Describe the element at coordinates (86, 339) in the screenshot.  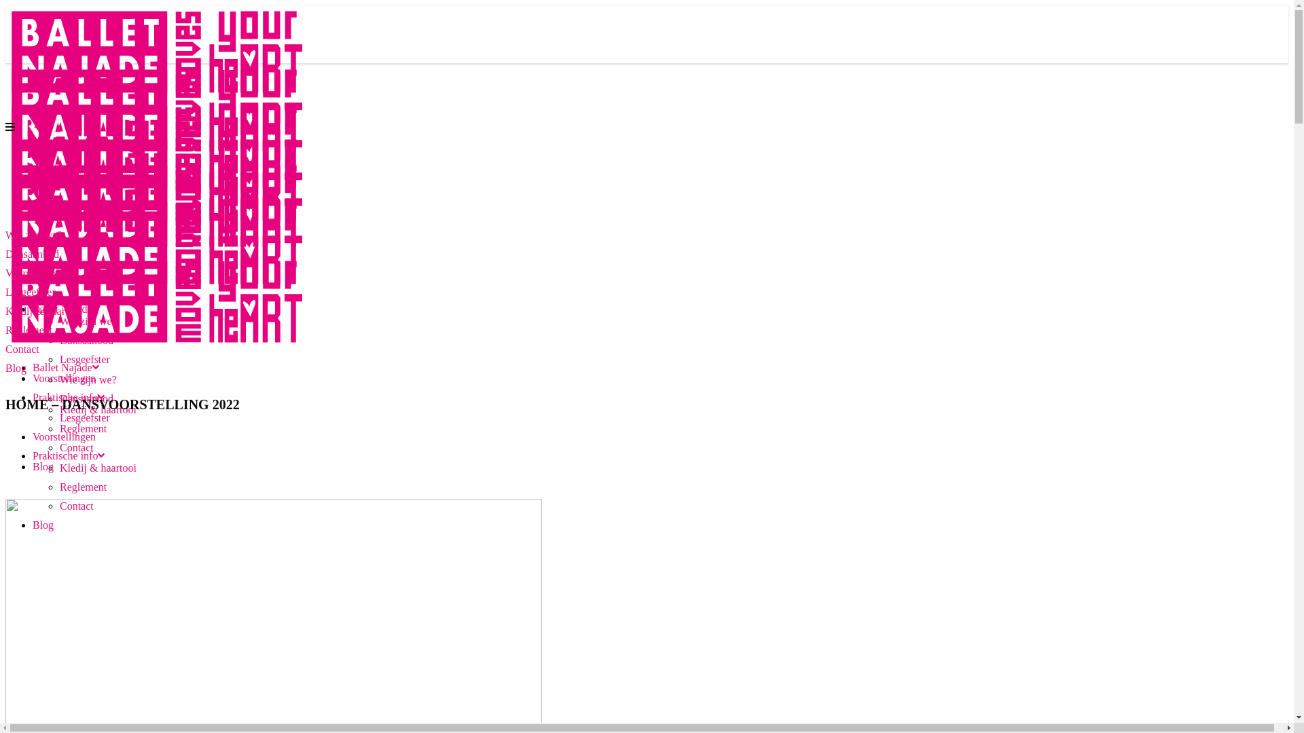
I see `'Dansaanbod'` at that location.